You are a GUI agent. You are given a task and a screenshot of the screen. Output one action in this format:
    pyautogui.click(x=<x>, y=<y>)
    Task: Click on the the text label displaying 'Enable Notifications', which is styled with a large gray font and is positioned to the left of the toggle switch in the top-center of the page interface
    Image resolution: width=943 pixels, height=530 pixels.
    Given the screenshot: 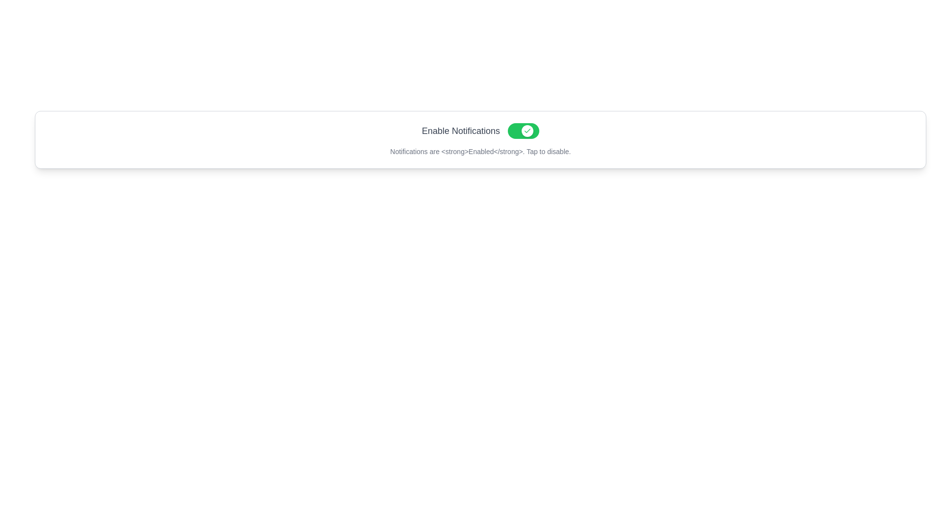 What is the action you would take?
    pyautogui.click(x=460, y=130)
    